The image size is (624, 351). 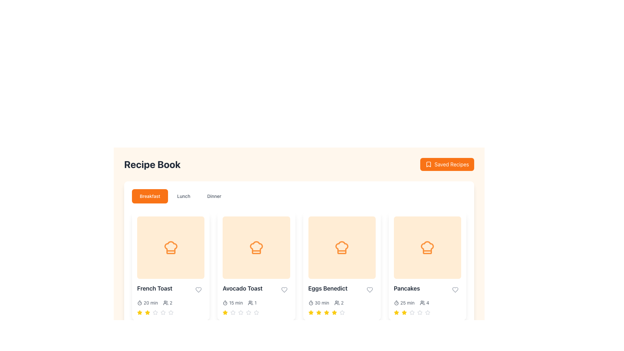 What do you see at coordinates (152, 164) in the screenshot?
I see `the Text Header that serves as the title for the recipe book section, located at the upper left section of the interface, positioned to the left of the 'Saved Recipes' button` at bounding box center [152, 164].